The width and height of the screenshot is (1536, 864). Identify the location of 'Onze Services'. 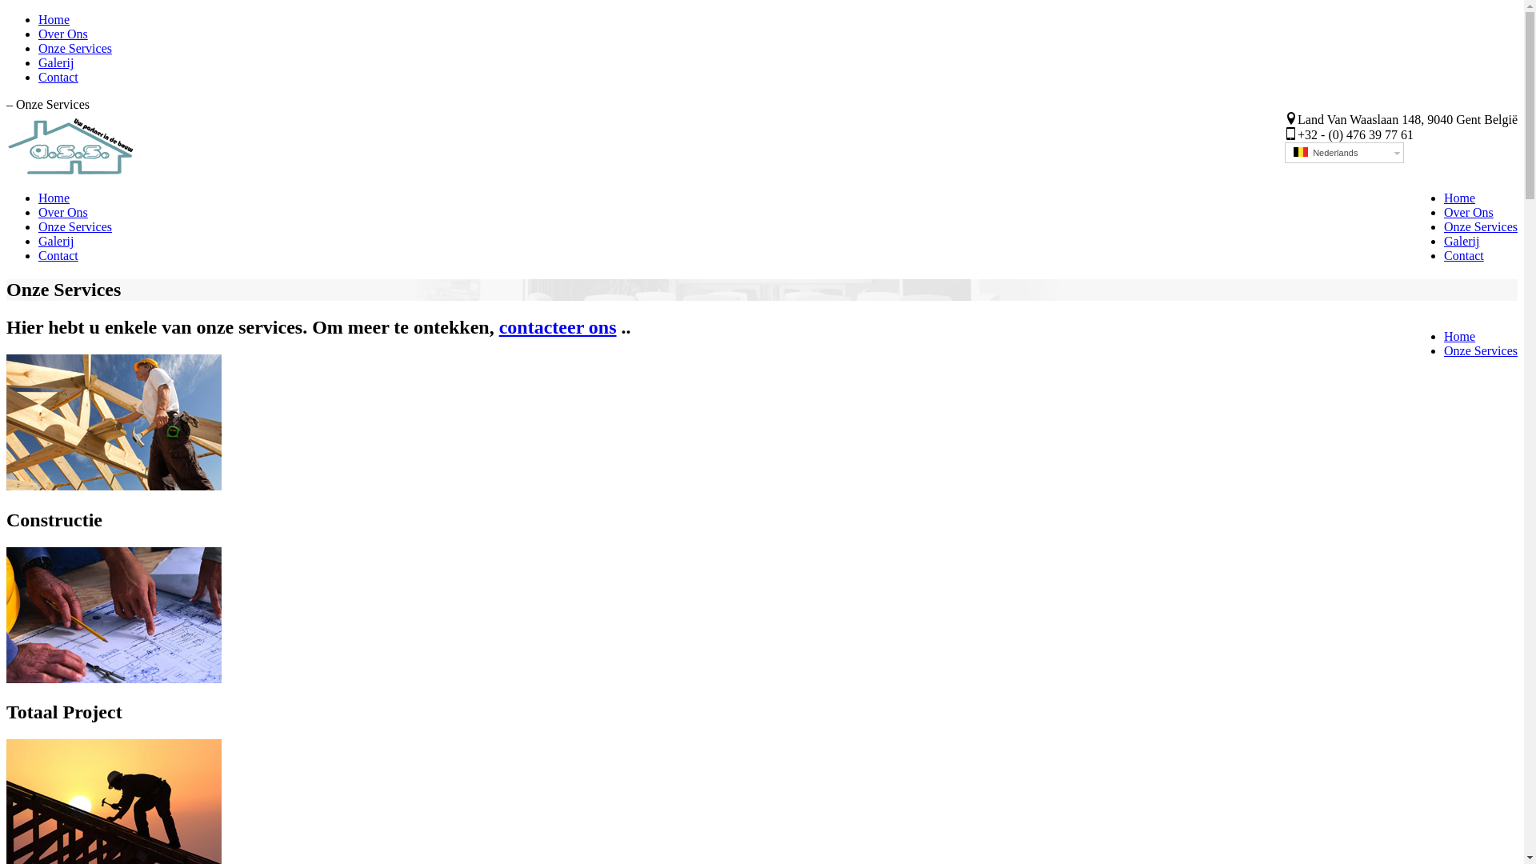
(74, 47).